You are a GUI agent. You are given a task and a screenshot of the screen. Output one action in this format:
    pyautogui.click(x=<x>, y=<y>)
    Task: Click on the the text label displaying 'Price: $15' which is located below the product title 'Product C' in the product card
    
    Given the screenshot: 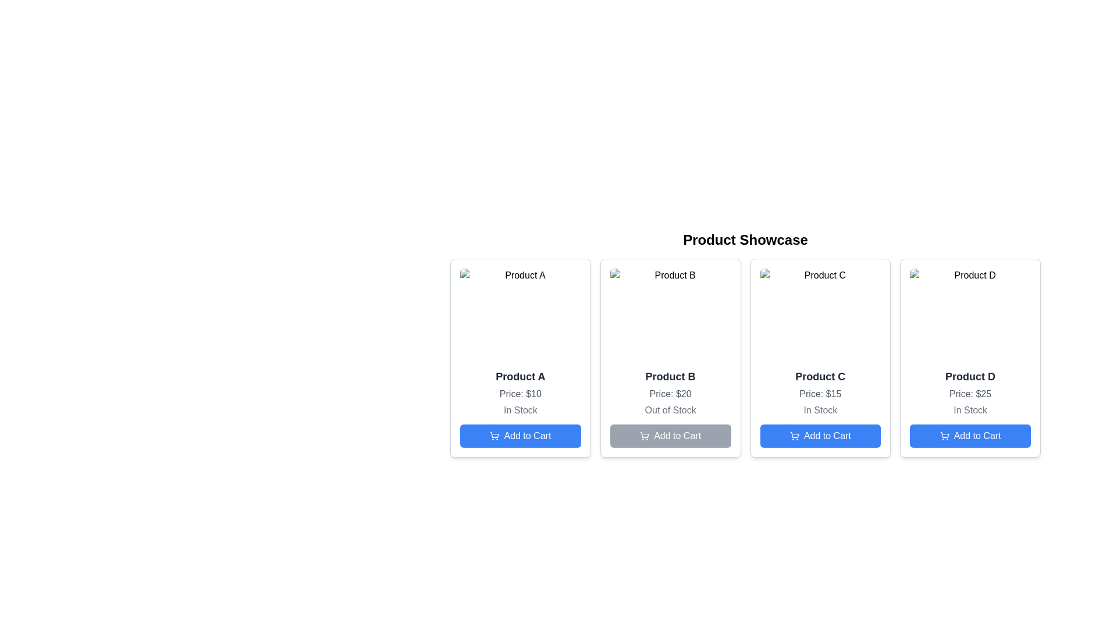 What is the action you would take?
    pyautogui.click(x=820, y=394)
    